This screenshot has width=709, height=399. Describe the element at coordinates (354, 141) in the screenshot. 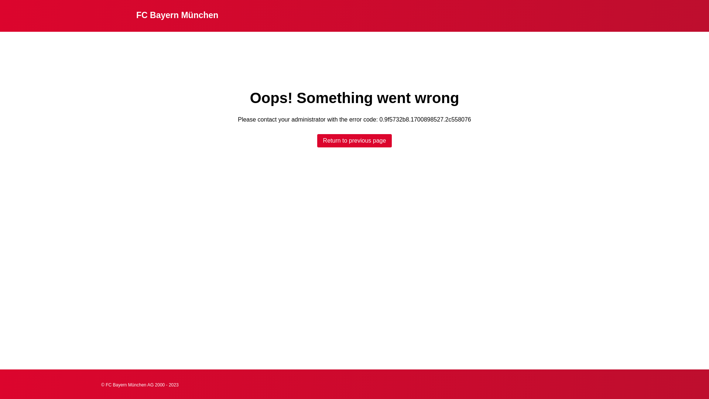

I see `'Return to previous page'` at that location.